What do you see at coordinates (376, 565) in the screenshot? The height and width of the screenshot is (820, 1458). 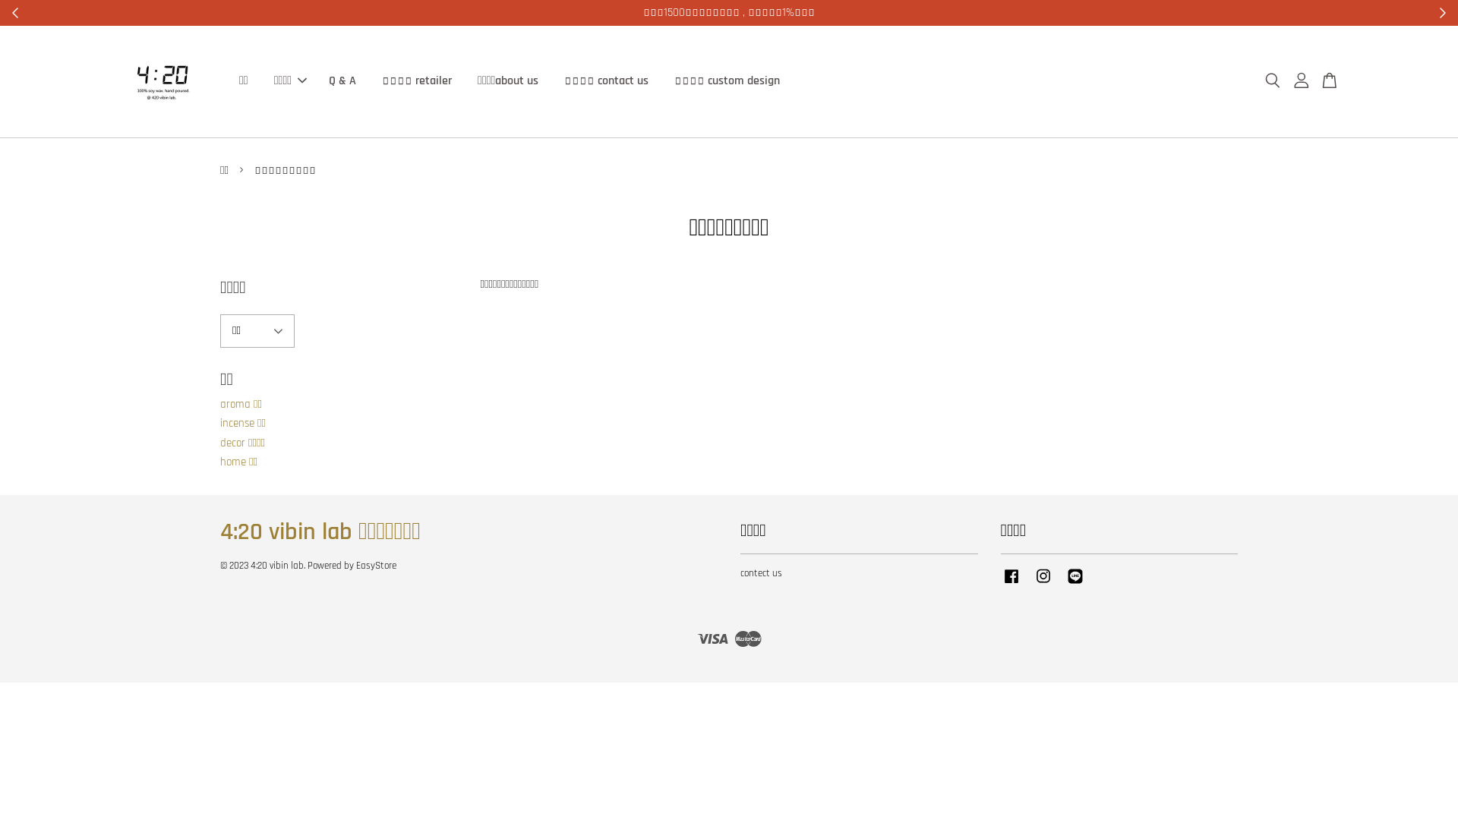 I see `'EasyStore'` at bounding box center [376, 565].